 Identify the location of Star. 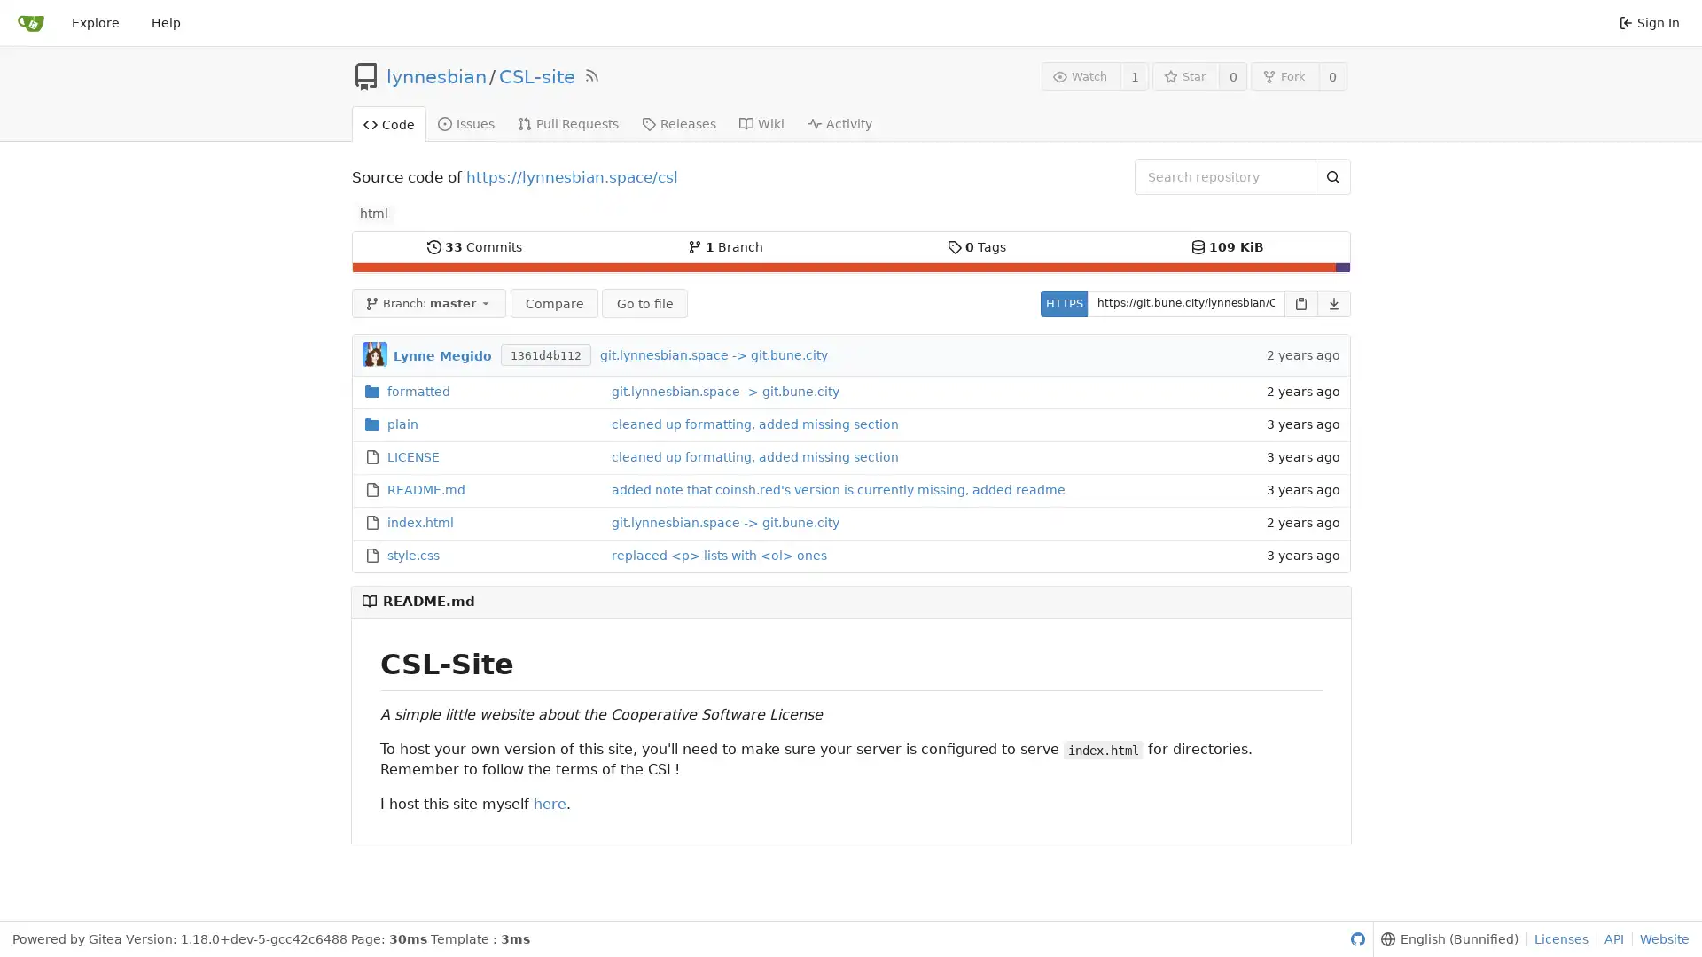
(1185, 75).